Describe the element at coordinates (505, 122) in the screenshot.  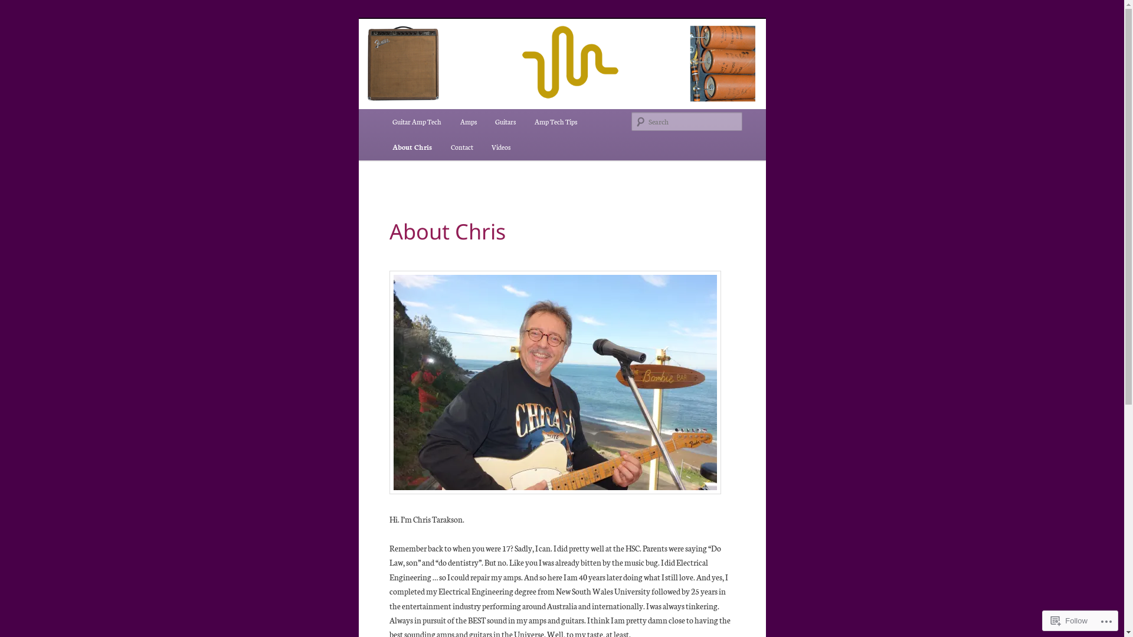
I see `'Guitars'` at that location.